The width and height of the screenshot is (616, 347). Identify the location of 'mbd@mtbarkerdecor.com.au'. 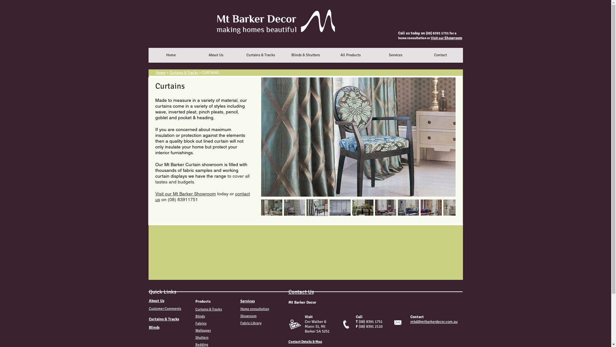
(434, 322).